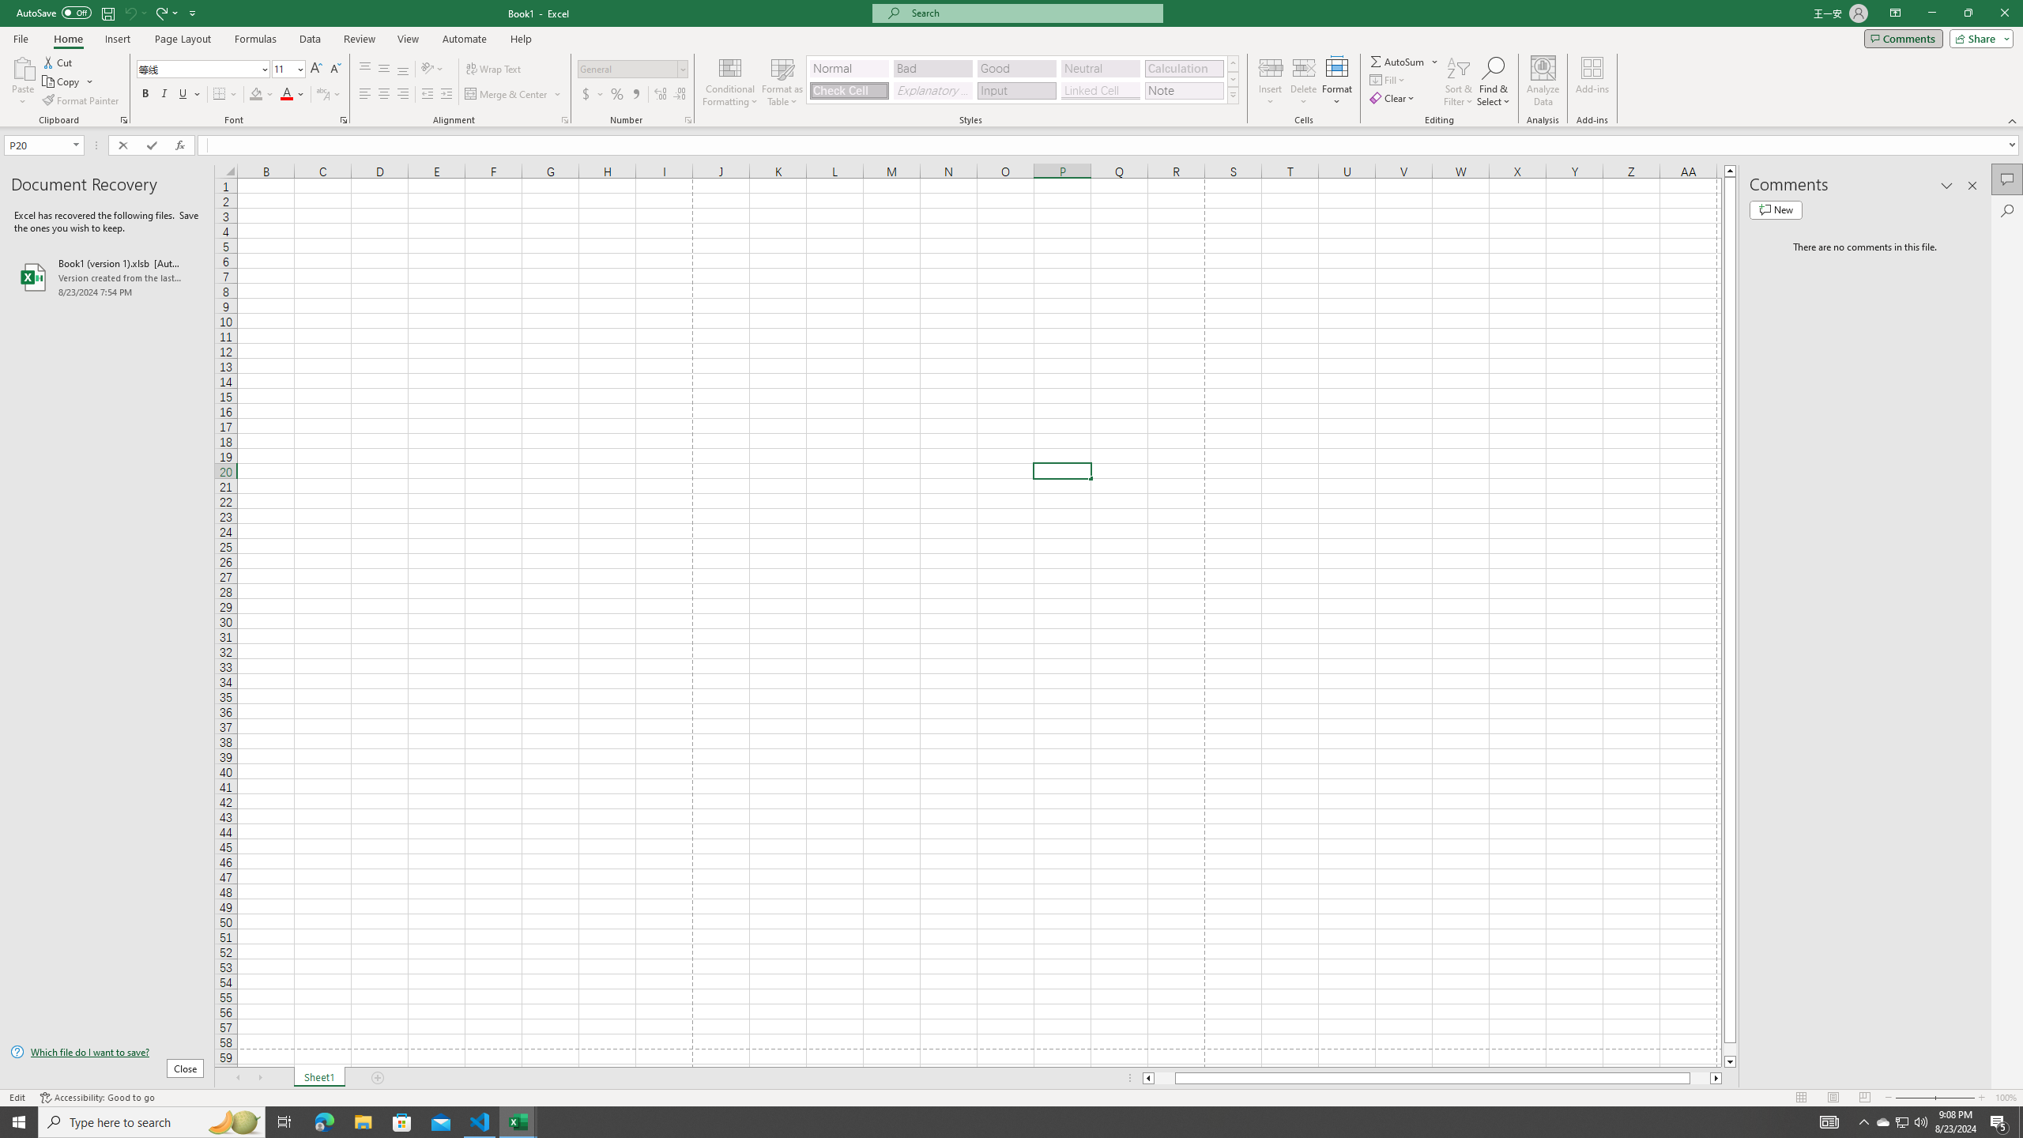  I want to click on 'Collapse the Ribbon', so click(2013, 121).